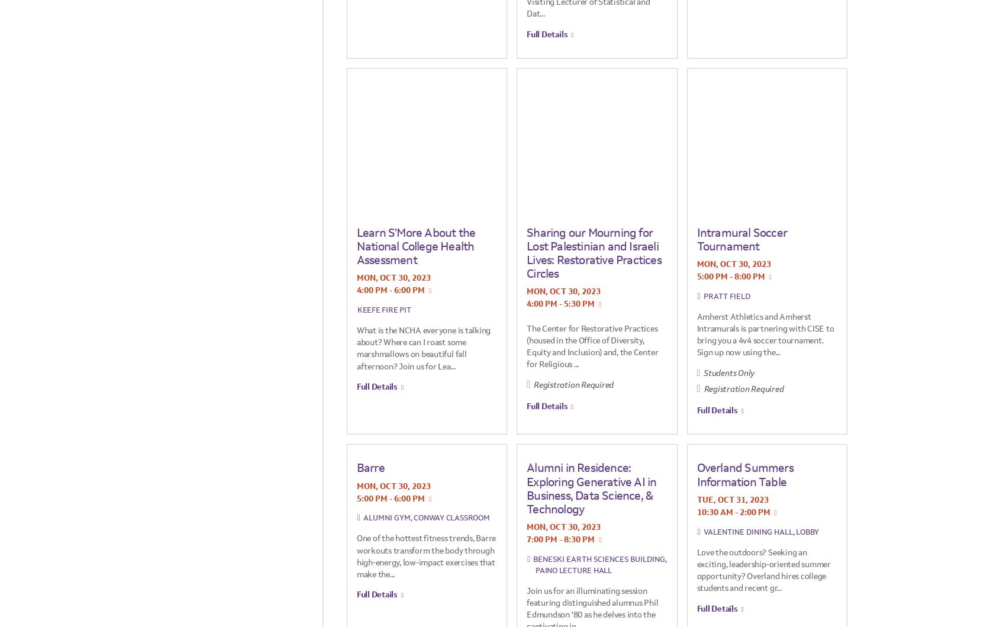 The width and height of the screenshot is (1006, 627). What do you see at coordinates (526, 345) in the screenshot?
I see `'The Center for Restorative Practices (housed in the Office of Diversity, Equity and Inclusion) and, the Center for Religious ...'` at bounding box center [526, 345].